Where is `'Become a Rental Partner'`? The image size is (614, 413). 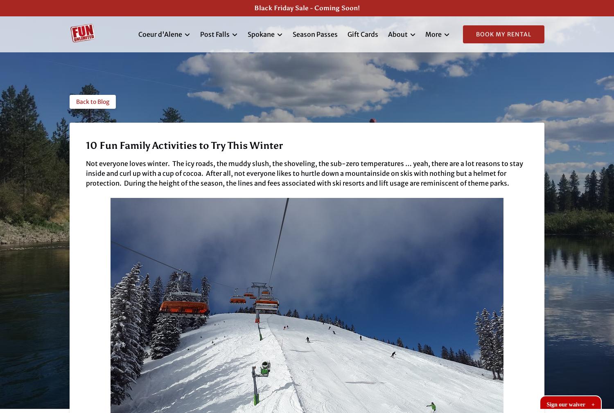
'Become a Rental Partner' is located at coordinates (425, 117).